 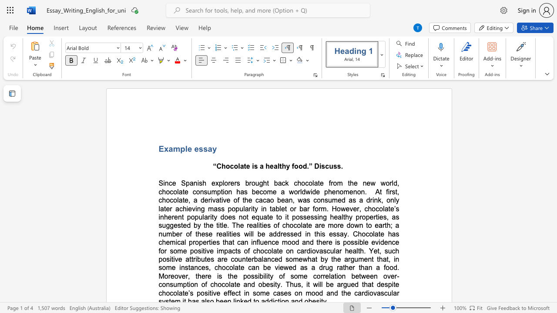 I want to click on the space between the continuous character "p" and "l" in the text, so click(x=184, y=148).